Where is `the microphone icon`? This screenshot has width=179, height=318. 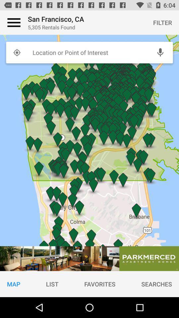 the microphone icon is located at coordinates (160, 52).